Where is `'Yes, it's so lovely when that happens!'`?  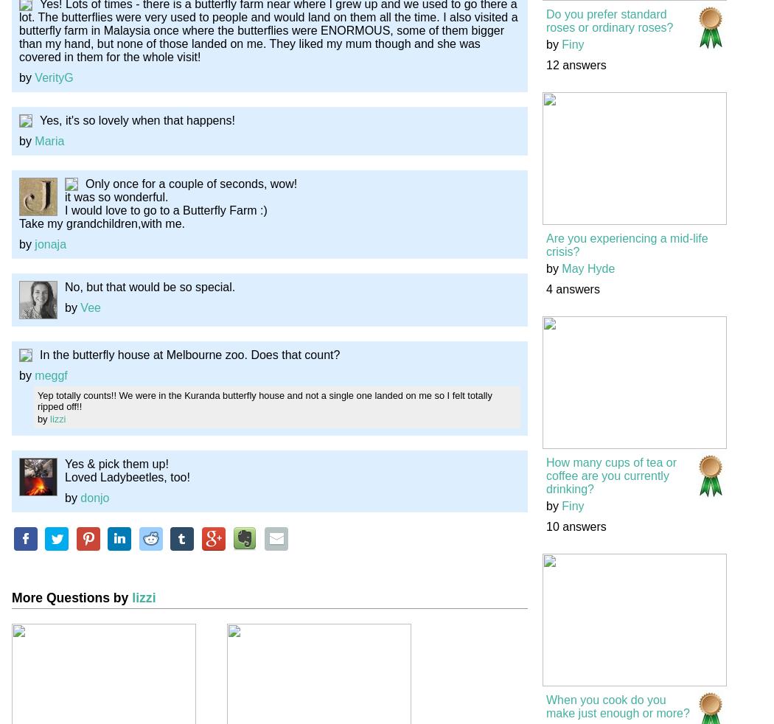
'Yes, it's so lovely when that happens!' is located at coordinates (136, 119).